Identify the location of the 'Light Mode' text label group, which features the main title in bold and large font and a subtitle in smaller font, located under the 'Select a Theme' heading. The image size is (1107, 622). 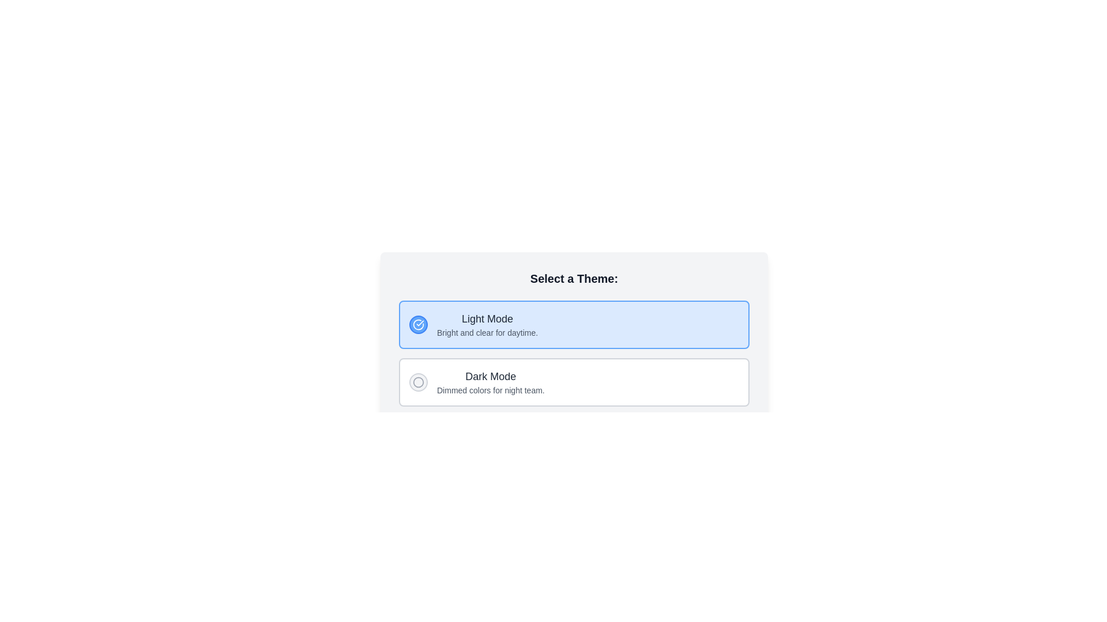
(487, 324).